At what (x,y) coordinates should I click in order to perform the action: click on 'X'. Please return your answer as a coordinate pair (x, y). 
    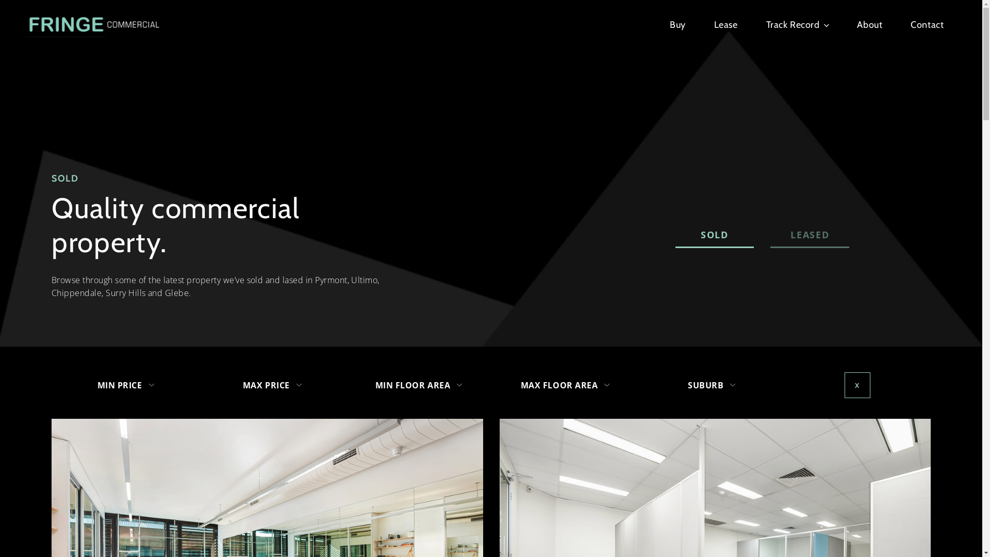
    Looking at the image, I should click on (857, 385).